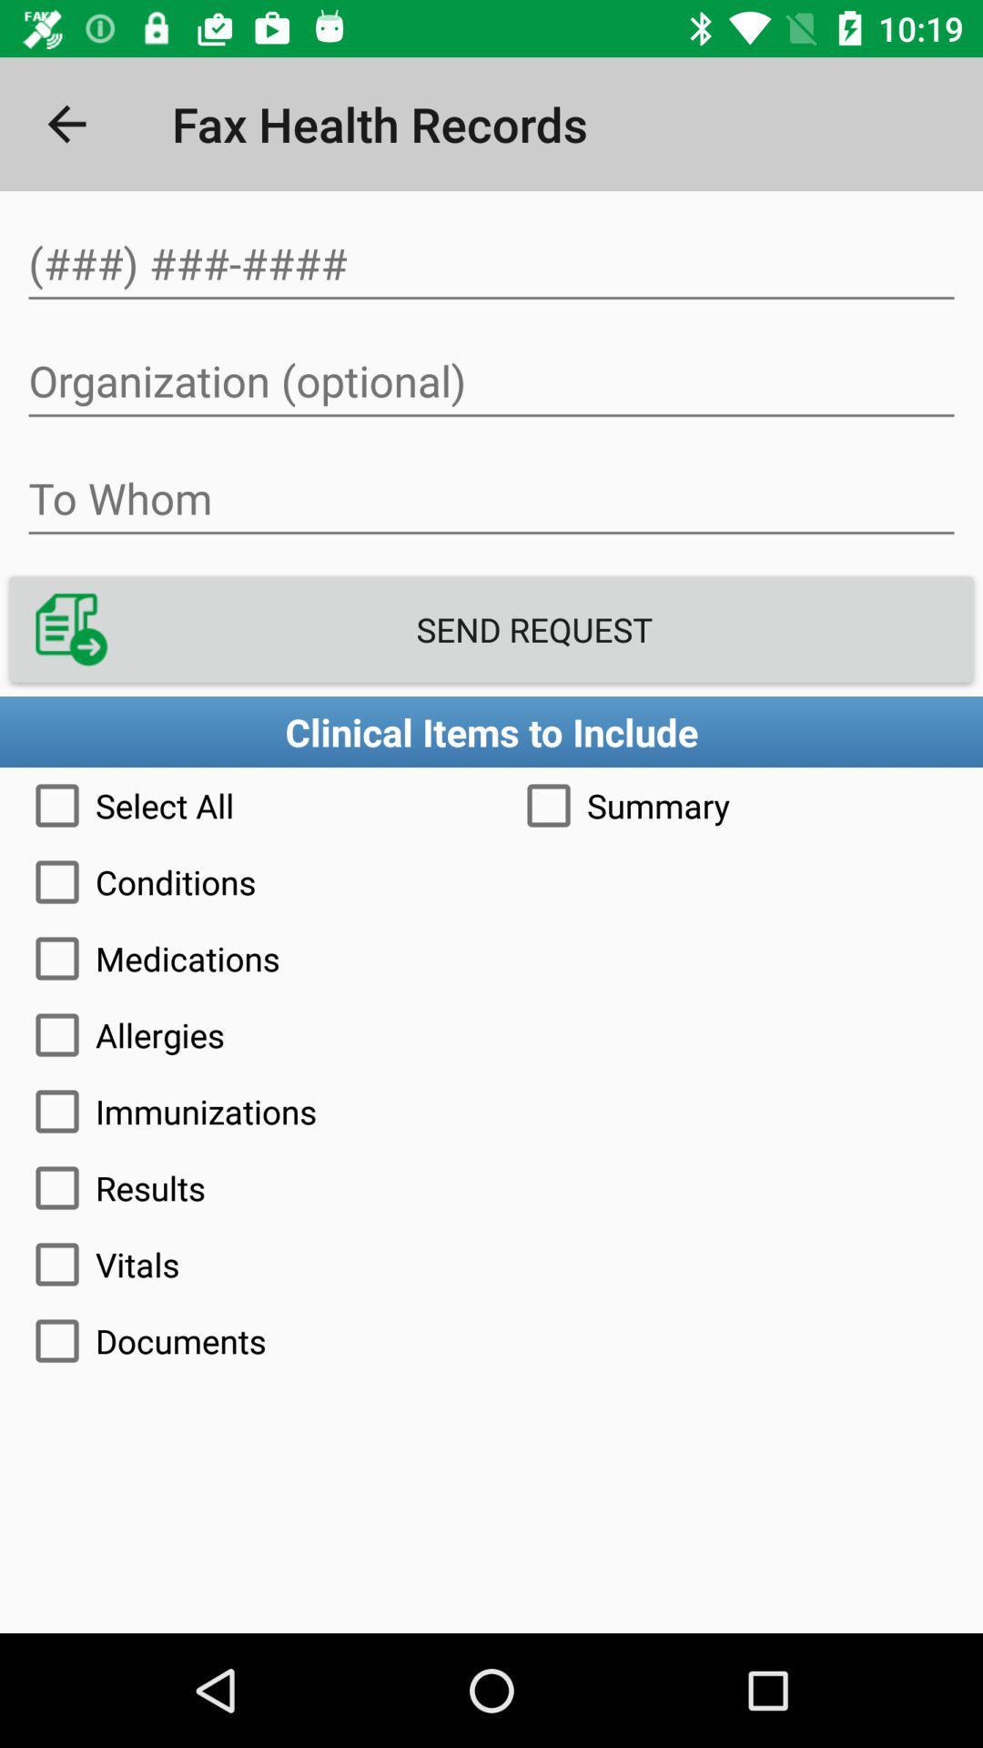 The height and width of the screenshot is (1748, 983). I want to click on person to send fax to, so click(491, 499).